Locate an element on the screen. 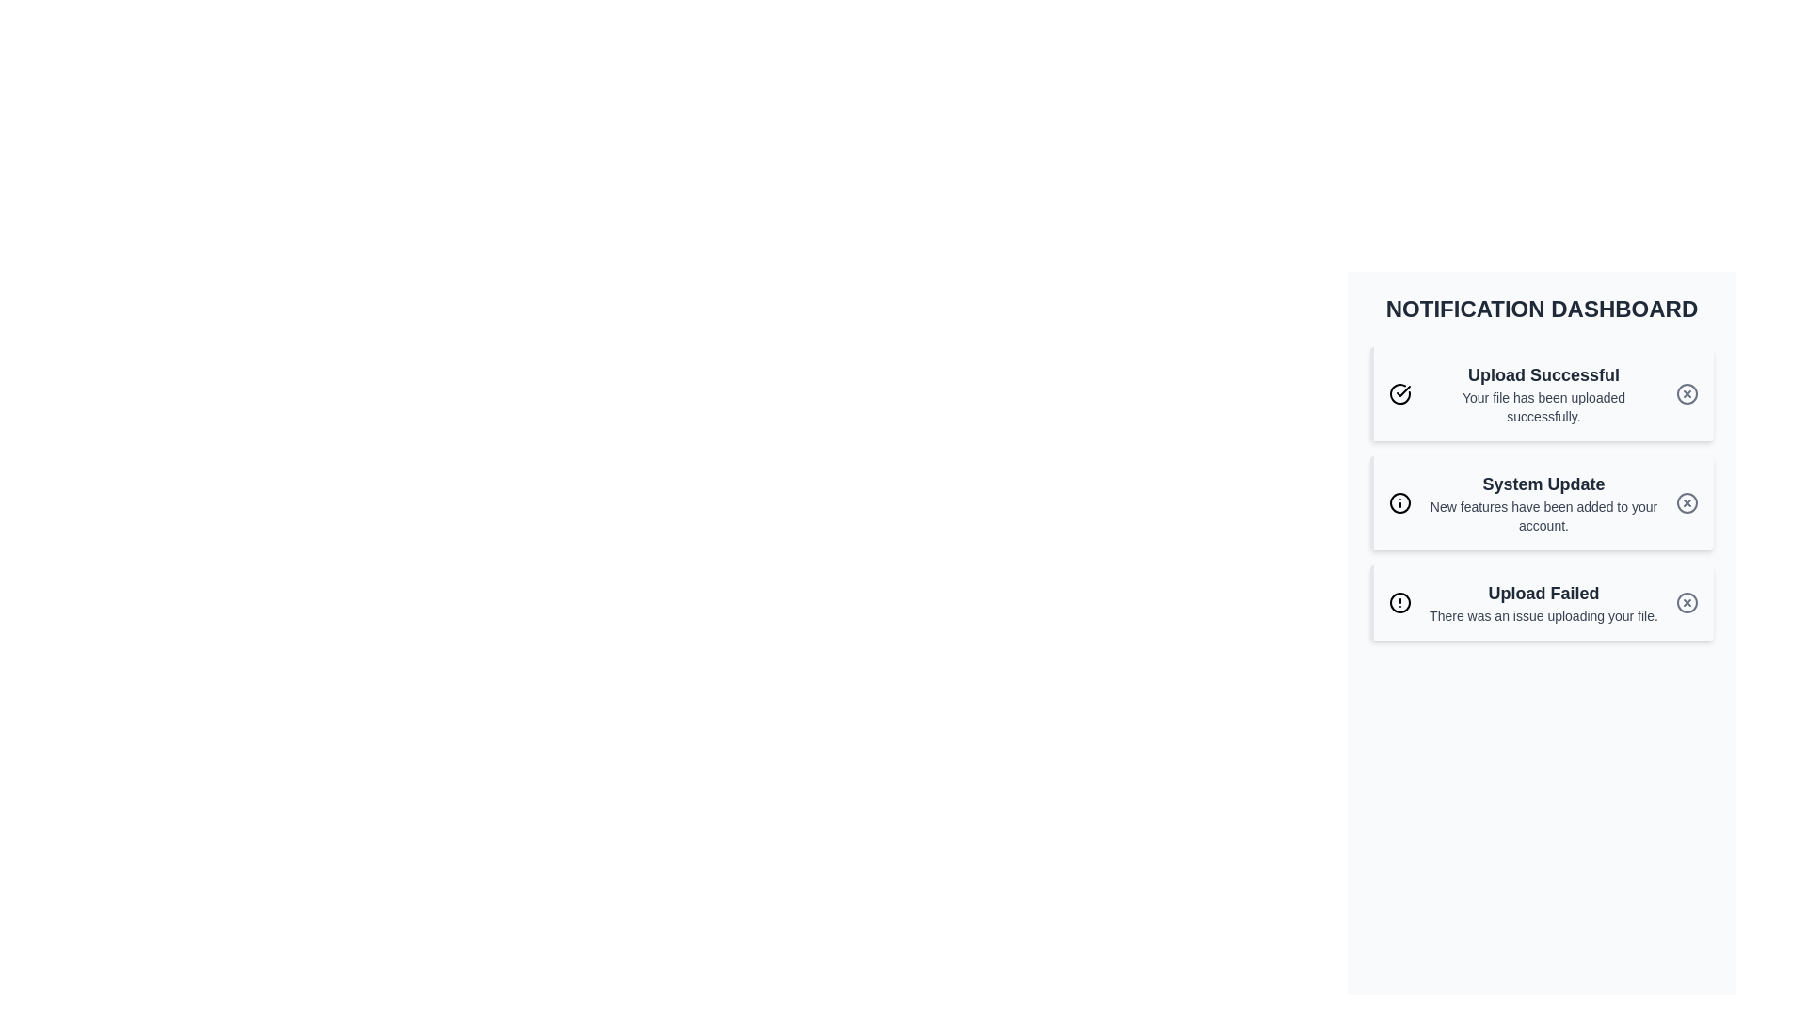  the Text Label that serves as the title for the notification message about system updates, located in the middle section of the notification panel is located at coordinates (1543, 484).